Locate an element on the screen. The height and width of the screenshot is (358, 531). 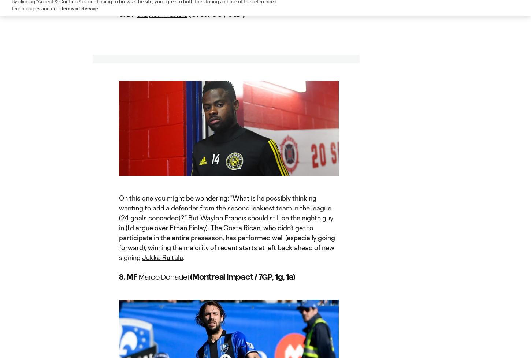
'Marco Donadel' is located at coordinates (163, 276).